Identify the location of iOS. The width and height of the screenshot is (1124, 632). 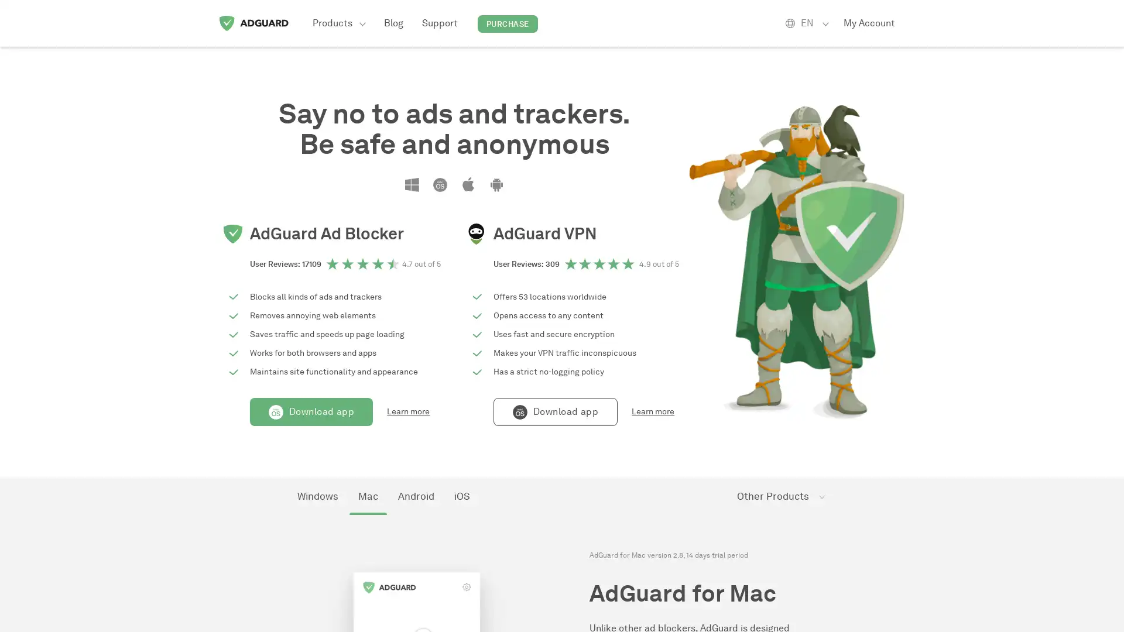
(461, 496).